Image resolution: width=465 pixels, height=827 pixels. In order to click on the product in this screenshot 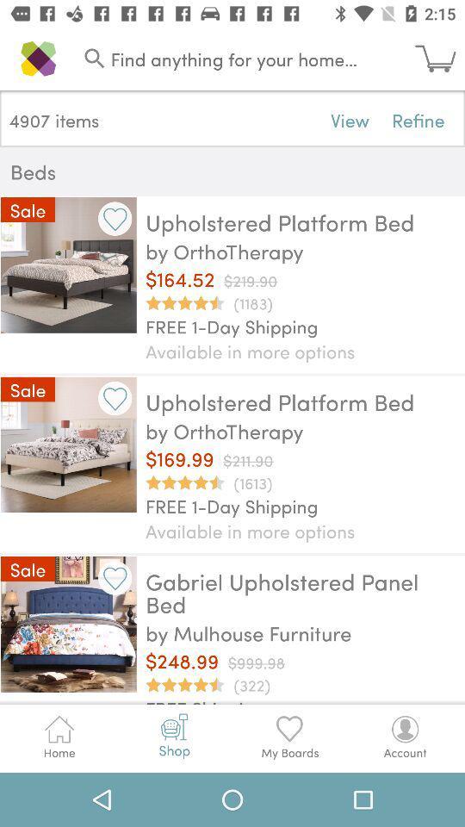, I will do `click(115, 578)`.